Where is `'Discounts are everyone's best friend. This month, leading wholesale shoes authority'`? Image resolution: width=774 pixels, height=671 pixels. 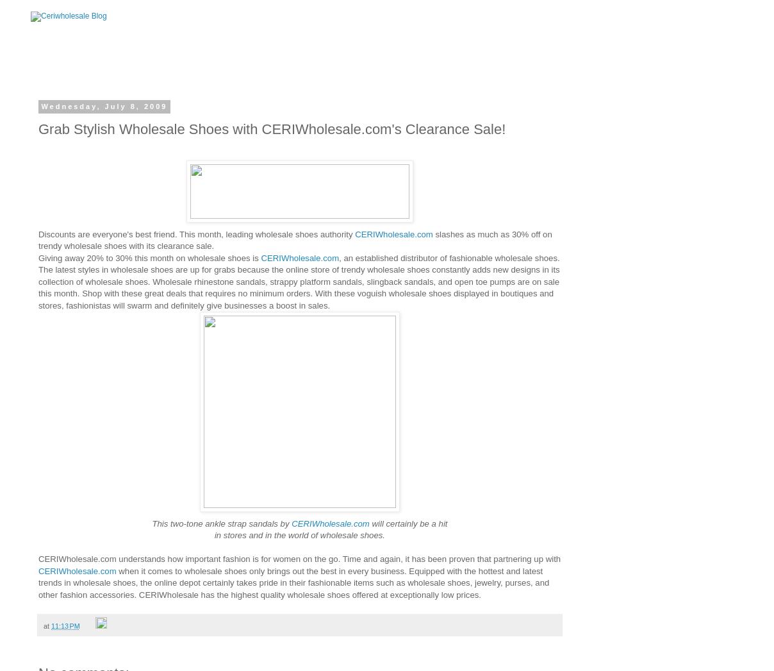
'Discounts are everyone's best friend. This month, leading wholesale shoes authority' is located at coordinates (195, 233).